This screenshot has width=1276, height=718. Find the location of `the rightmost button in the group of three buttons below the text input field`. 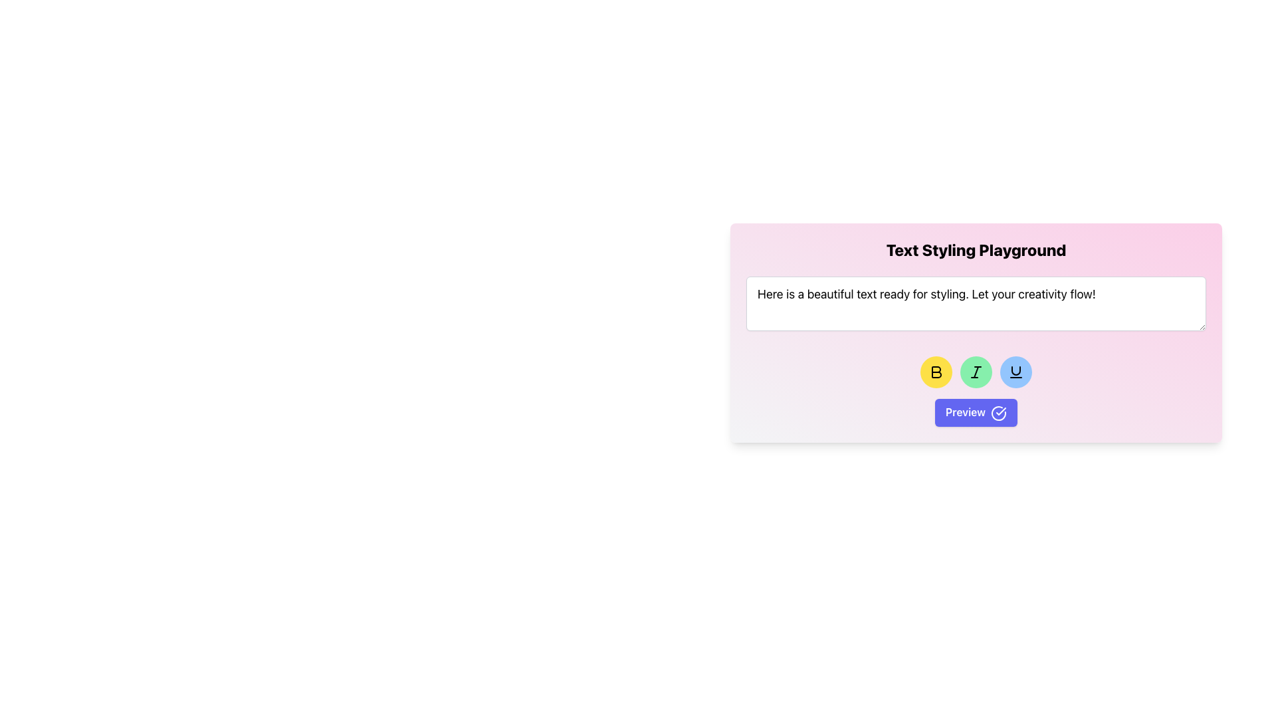

the rightmost button in the group of three buttons below the text input field is located at coordinates (1015, 372).